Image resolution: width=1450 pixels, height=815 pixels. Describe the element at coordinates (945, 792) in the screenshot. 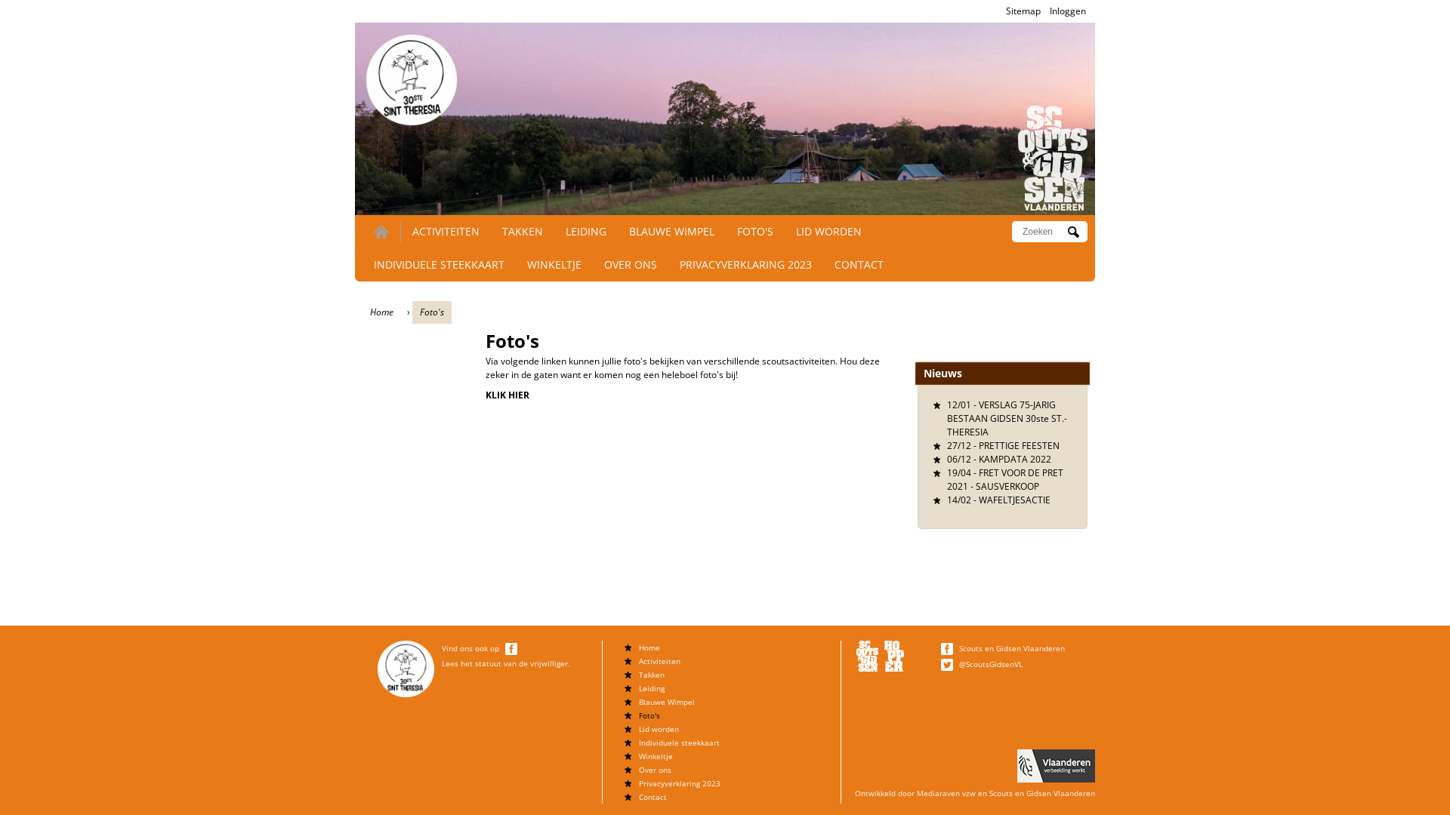

I see `'Mediaraven vzw'` at that location.